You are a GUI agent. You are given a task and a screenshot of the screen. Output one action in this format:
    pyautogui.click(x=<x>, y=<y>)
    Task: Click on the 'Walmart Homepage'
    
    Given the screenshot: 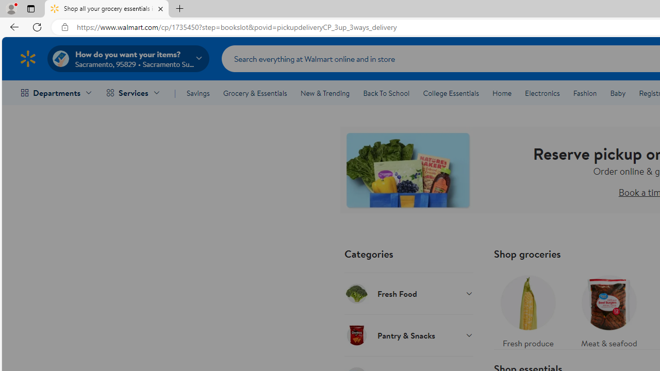 What is the action you would take?
    pyautogui.click(x=27, y=58)
    